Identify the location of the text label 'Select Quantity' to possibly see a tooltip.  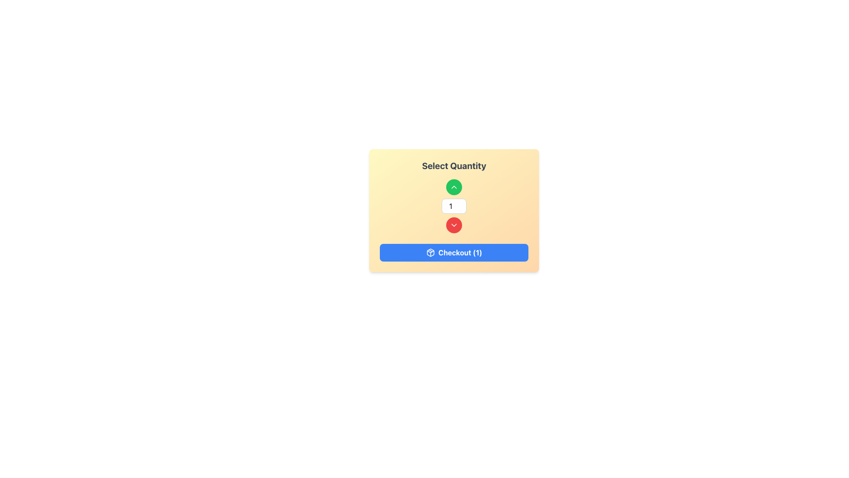
(454, 166).